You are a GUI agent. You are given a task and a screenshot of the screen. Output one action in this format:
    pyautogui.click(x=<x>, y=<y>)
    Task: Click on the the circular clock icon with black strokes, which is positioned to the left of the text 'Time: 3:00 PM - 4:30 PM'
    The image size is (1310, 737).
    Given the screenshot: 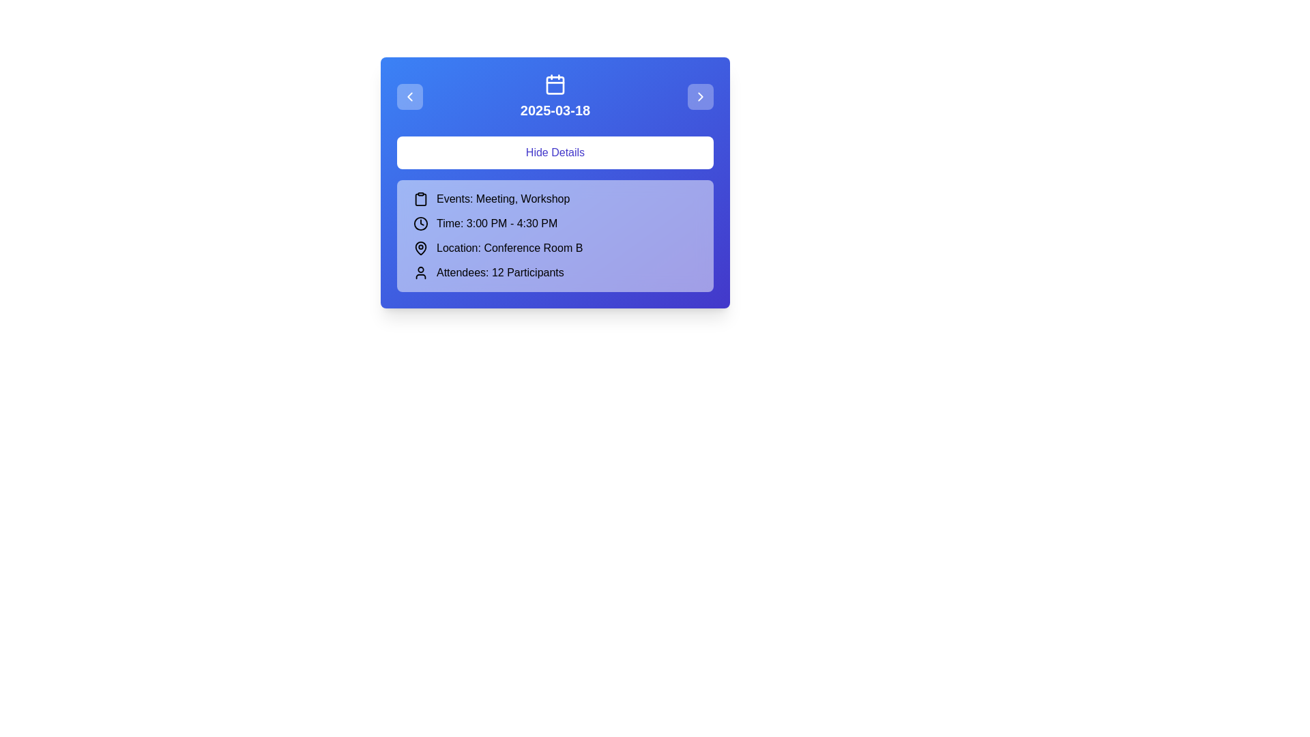 What is the action you would take?
    pyautogui.click(x=420, y=222)
    